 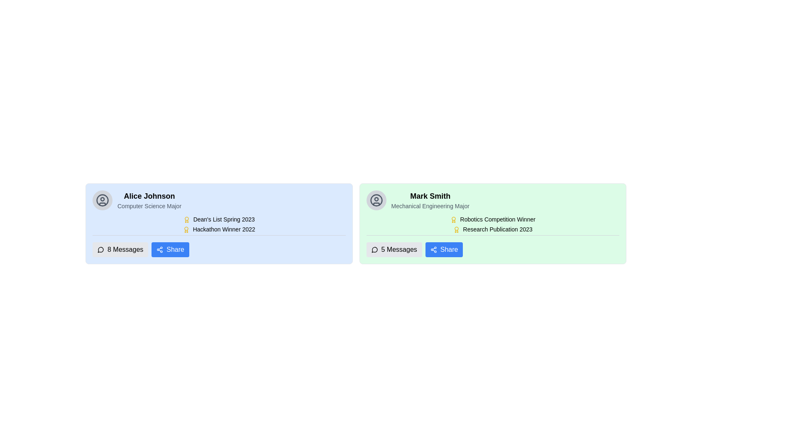 What do you see at coordinates (444, 249) in the screenshot?
I see `the blue rectangular 'Share' button with a share network icon located in the '5 Messages Share' section` at bounding box center [444, 249].